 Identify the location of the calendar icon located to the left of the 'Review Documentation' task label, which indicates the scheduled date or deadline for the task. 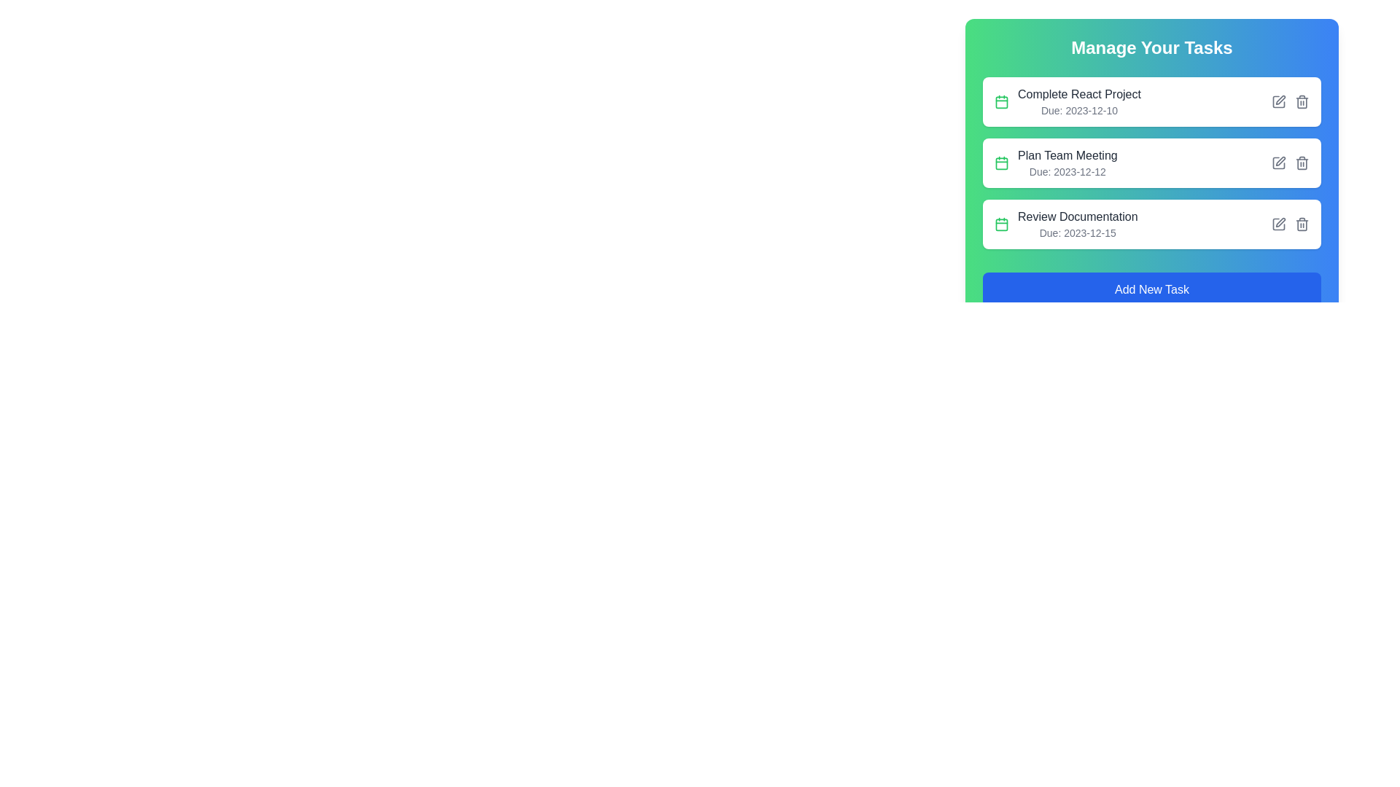
(1000, 224).